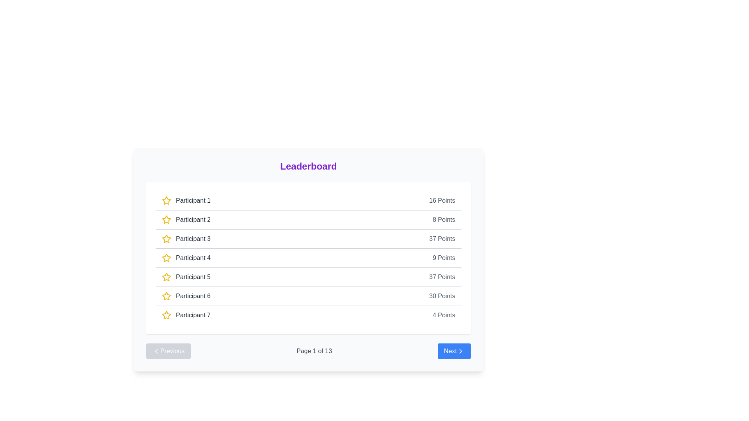  I want to click on the star icon located to the left of the text 'Participant 3' in the leaderboard table, which indicates the rating or achievement of this entry, so click(166, 238).